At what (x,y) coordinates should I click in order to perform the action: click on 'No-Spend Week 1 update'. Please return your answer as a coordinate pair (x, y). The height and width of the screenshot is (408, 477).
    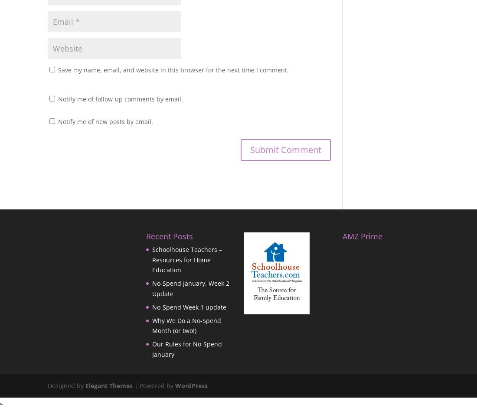
    Looking at the image, I should click on (188, 307).